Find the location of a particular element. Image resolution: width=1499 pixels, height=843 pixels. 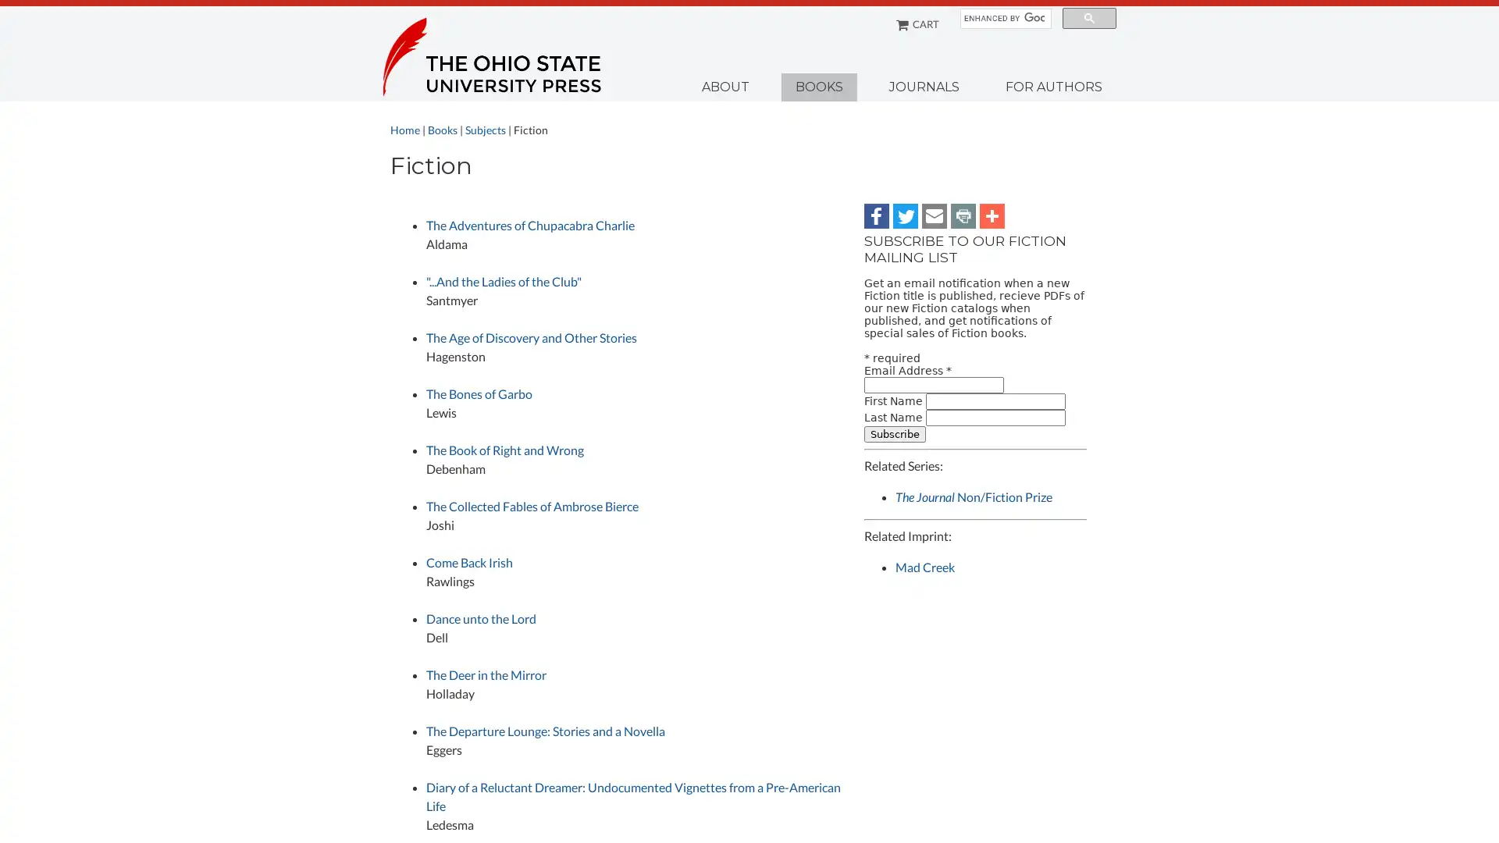

Share to Twitter is located at coordinates (906, 215).